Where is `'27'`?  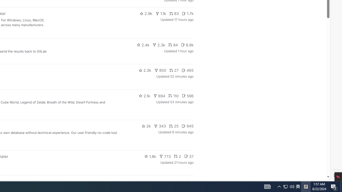 '27' is located at coordinates (174, 70).